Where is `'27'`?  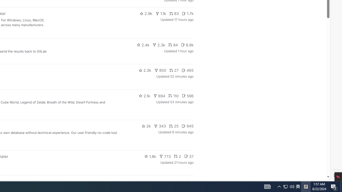 '27' is located at coordinates (174, 70).